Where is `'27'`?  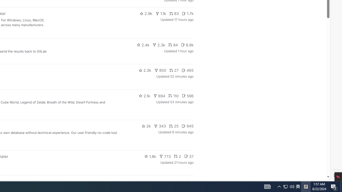 '27' is located at coordinates (174, 70).